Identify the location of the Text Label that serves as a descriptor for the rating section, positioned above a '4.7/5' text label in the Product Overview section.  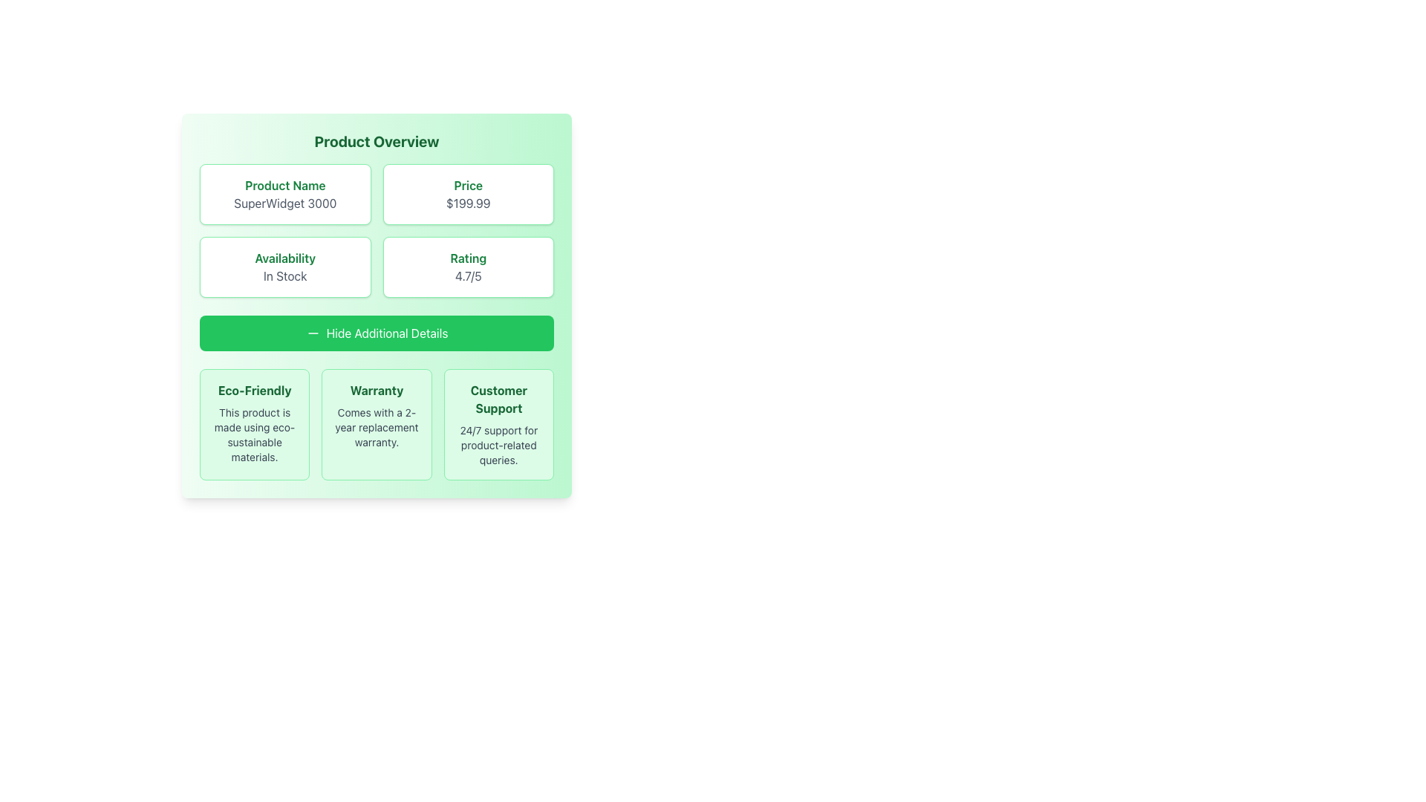
(467, 257).